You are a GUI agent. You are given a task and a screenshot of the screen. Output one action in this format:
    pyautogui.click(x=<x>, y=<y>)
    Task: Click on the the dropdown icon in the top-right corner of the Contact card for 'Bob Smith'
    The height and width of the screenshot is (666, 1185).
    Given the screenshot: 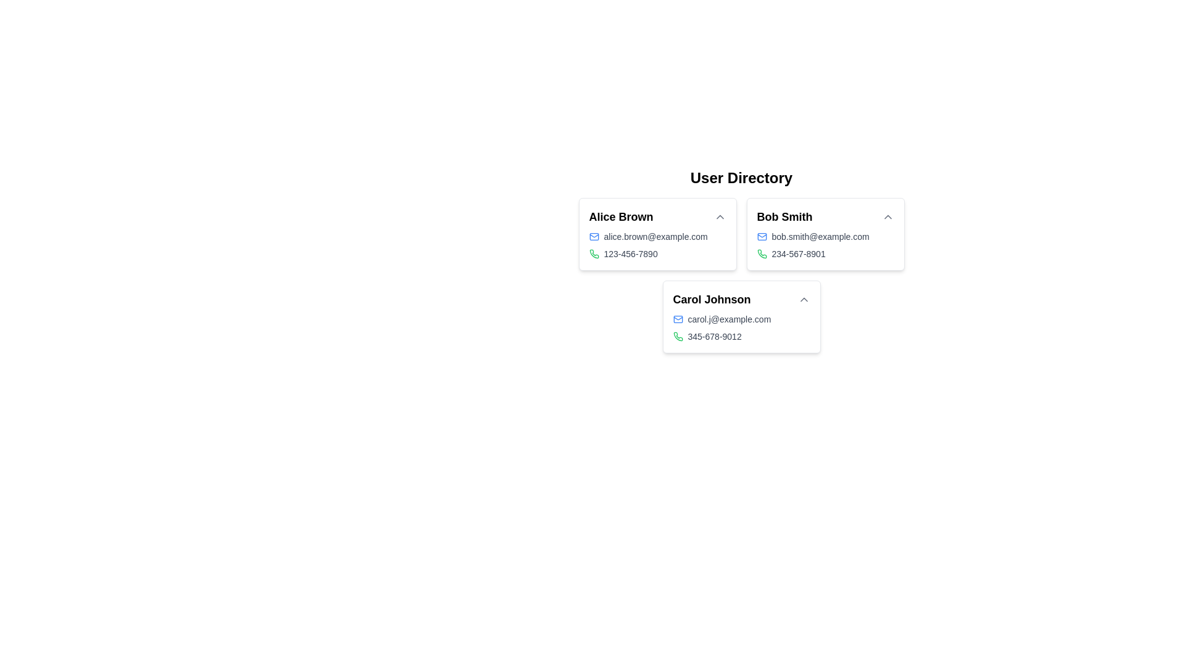 What is the action you would take?
    pyautogui.click(x=825, y=234)
    